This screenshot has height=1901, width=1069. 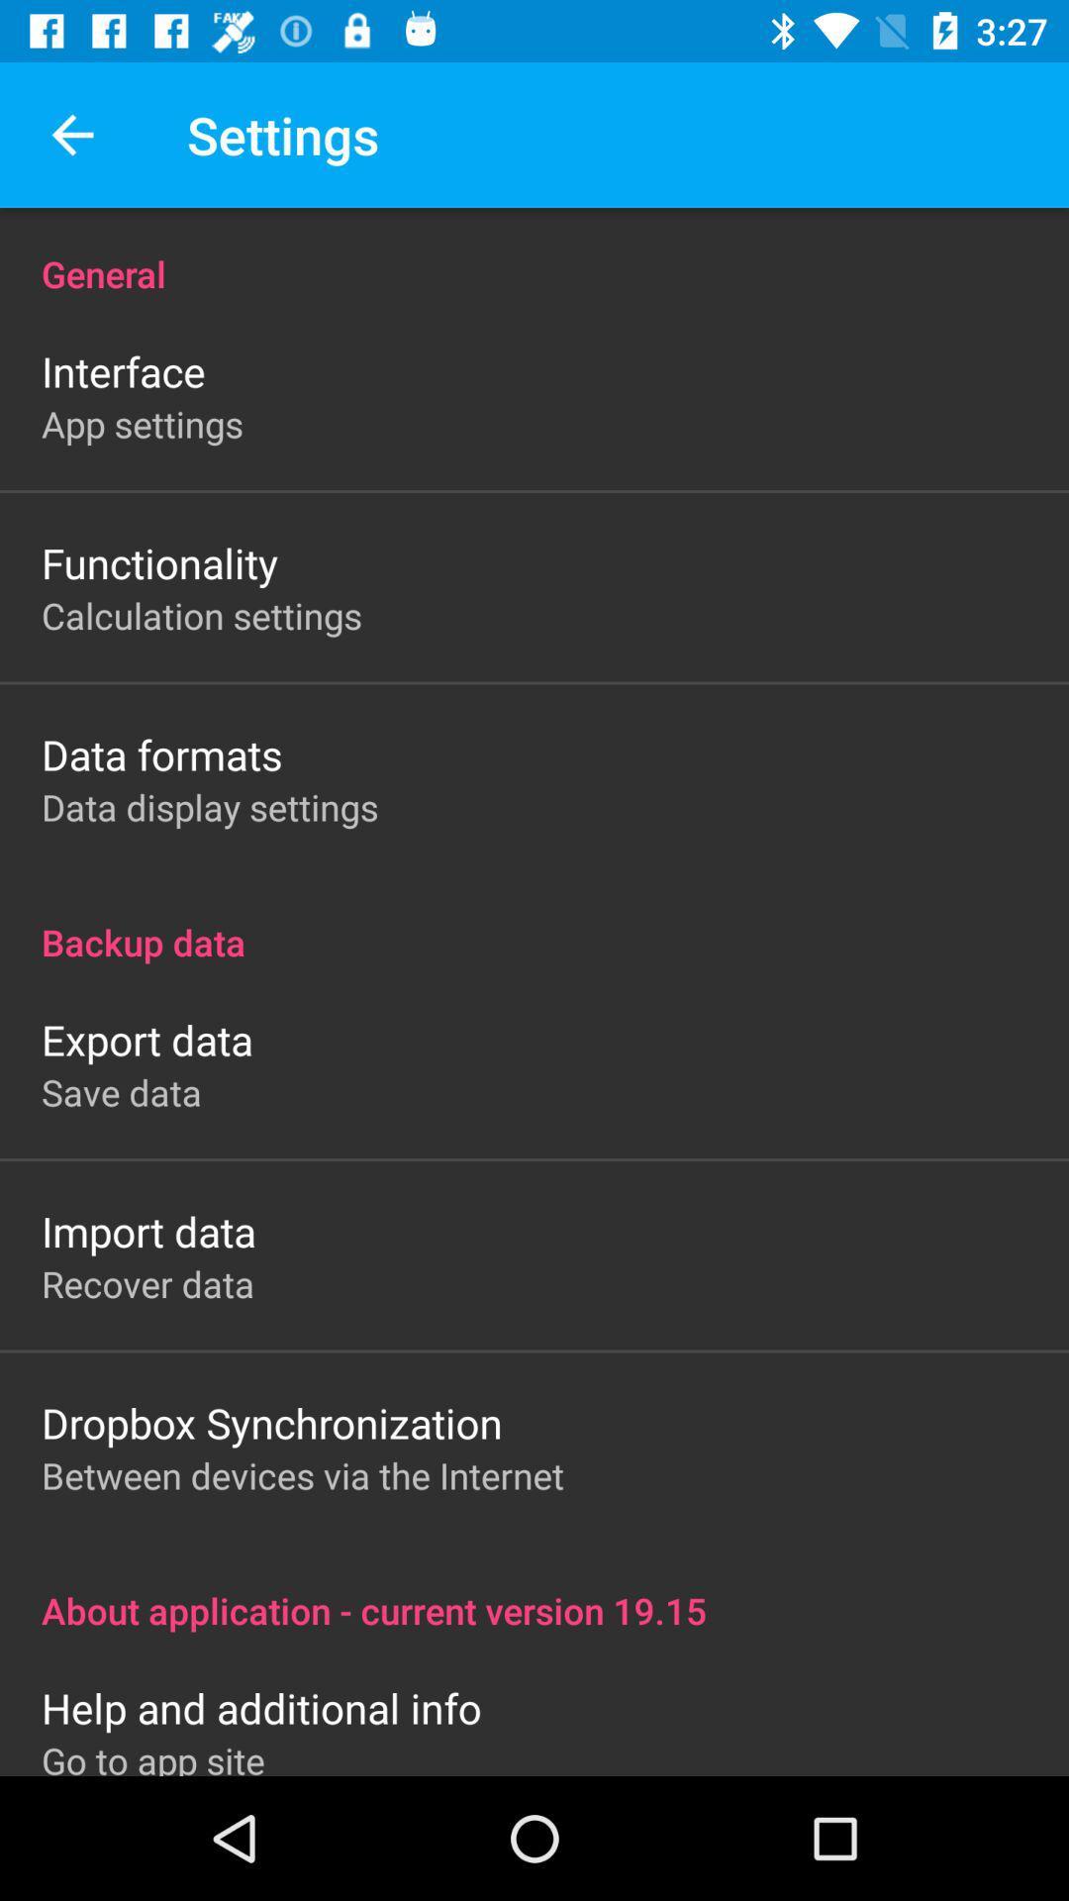 What do you see at coordinates (147, 1230) in the screenshot?
I see `icon above recover data icon` at bounding box center [147, 1230].